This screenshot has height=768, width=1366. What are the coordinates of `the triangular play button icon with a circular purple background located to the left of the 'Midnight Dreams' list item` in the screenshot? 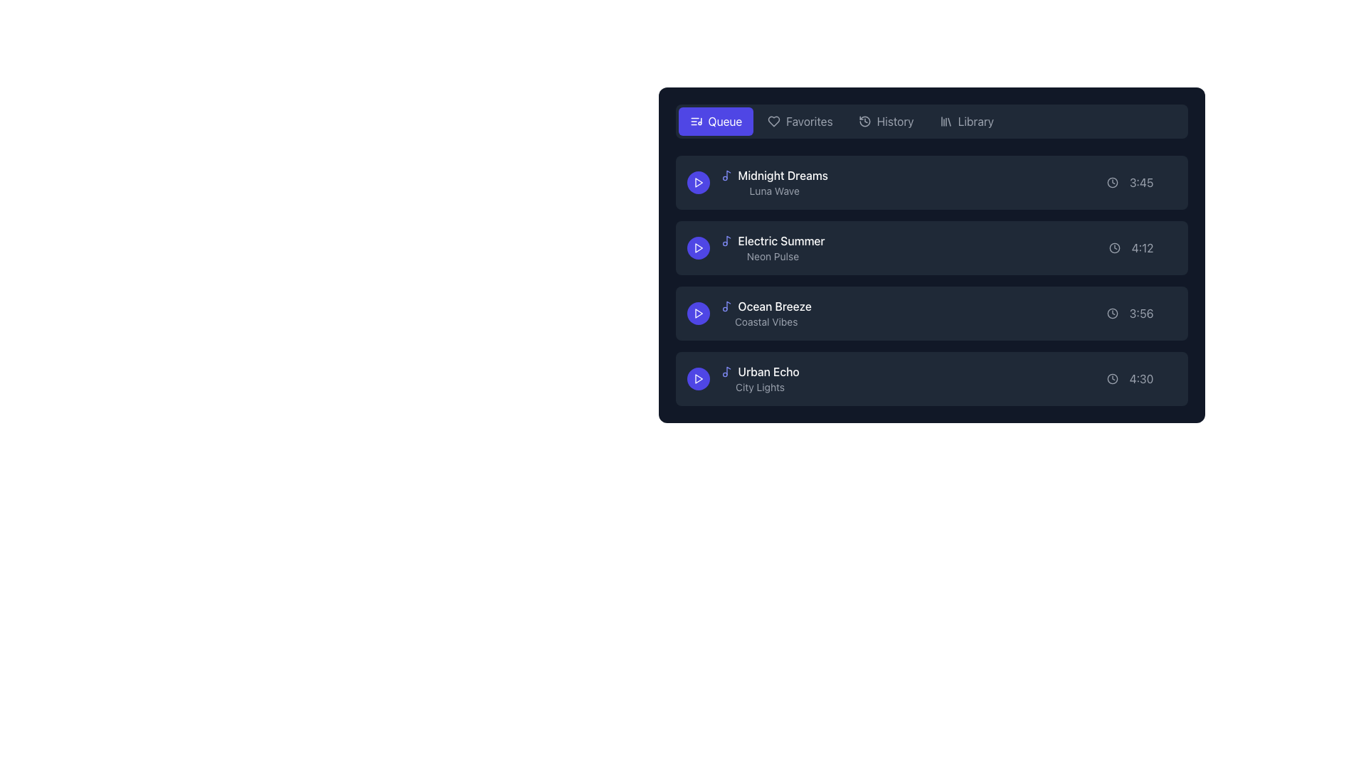 It's located at (698, 182).